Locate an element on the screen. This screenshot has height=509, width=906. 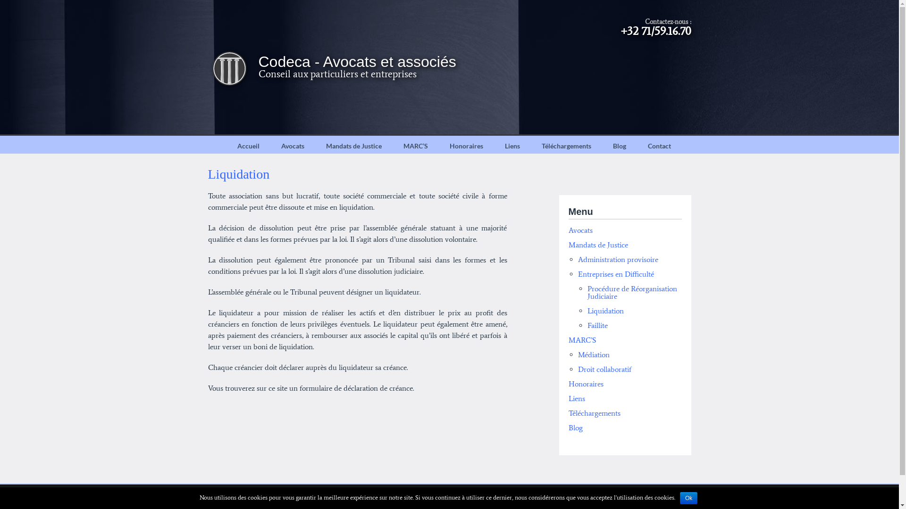
'Mandats de Justice' is located at coordinates (597, 244).